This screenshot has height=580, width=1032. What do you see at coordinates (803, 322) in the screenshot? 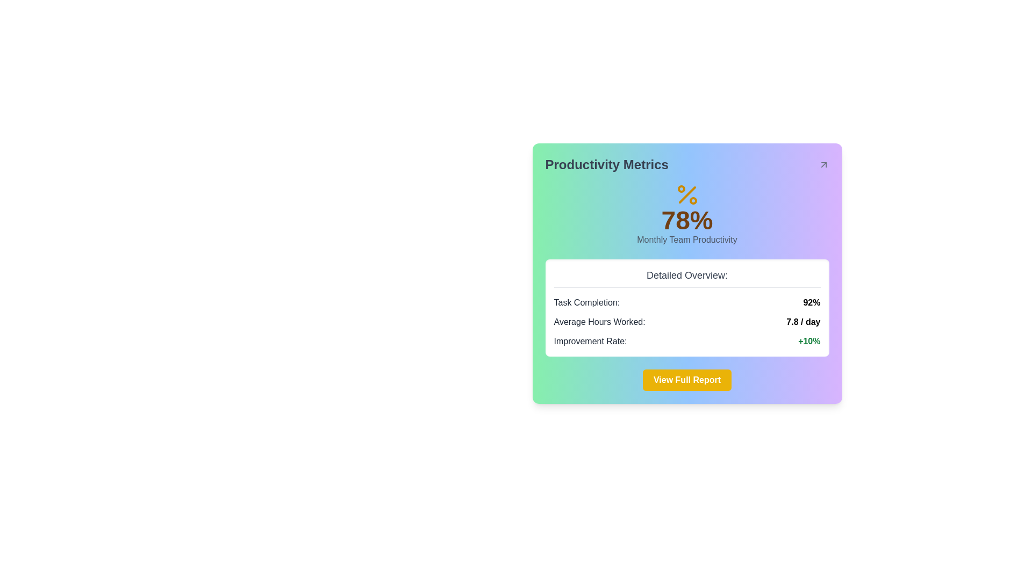
I see `the static text displaying '7.8 / day', which is located to the right of 'Average Hours Worked:' in the 'Detailed Overview' panel` at bounding box center [803, 322].